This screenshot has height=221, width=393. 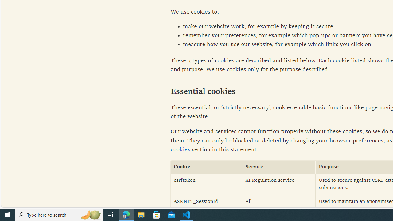 What do you see at coordinates (206, 205) in the screenshot?
I see `'ASP.NET_SessionId'` at bounding box center [206, 205].